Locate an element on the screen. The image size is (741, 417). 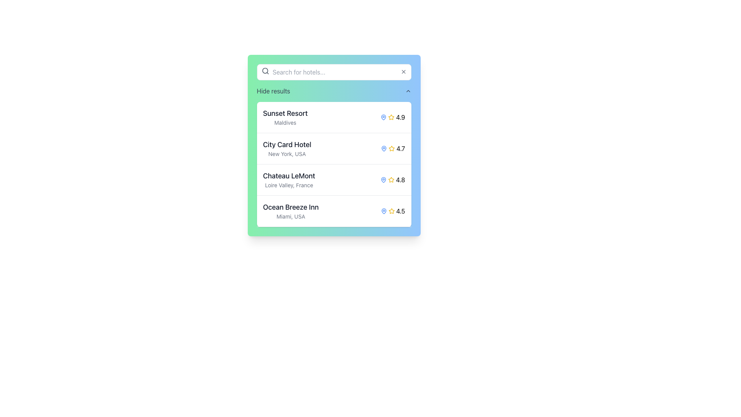
the static text element representing the hotel's rating score, located to the right of the yellow star icon in the third entry of the hotel list is located at coordinates (400, 180).